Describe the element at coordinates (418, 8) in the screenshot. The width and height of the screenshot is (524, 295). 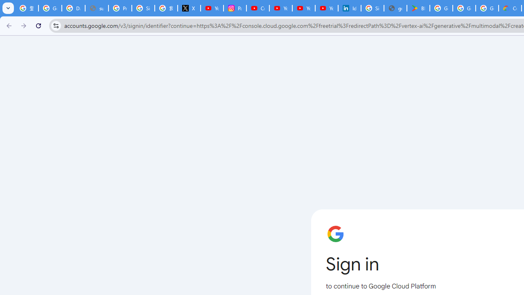
I see `'Bluey: Let'` at that location.